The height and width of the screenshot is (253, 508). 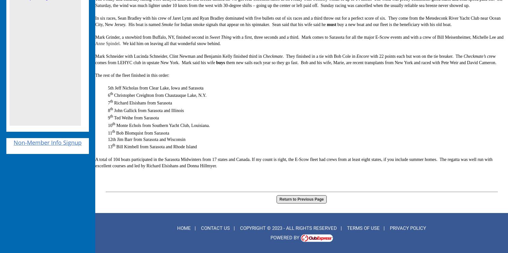 What do you see at coordinates (301, 199) in the screenshot?
I see `'Return to Previous Page'` at bounding box center [301, 199].